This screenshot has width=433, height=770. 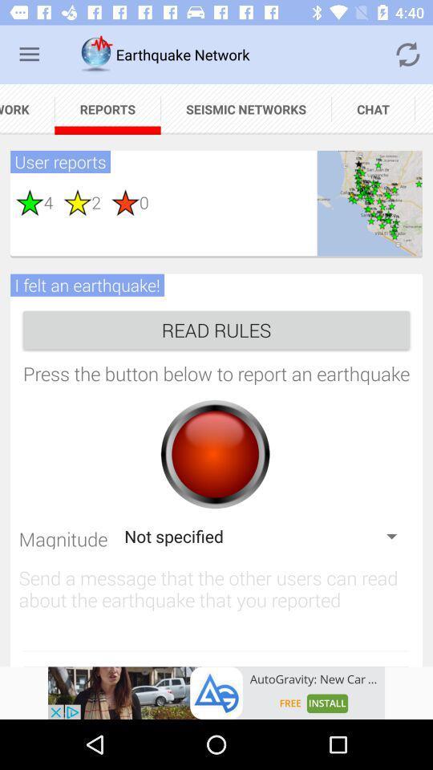 What do you see at coordinates (71, 201) in the screenshot?
I see `the star icon` at bounding box center [71, 201].